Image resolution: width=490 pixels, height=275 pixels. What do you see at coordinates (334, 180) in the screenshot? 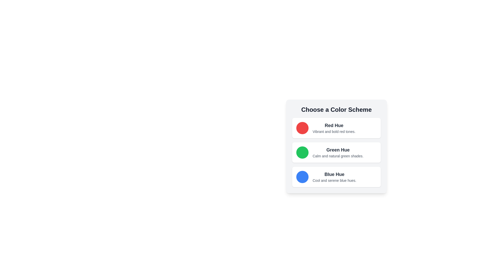
I see `descriptive subtitle text located directly below the 'Blue Hue' title in the color scheme selection card` at bounding box center [334, 180].